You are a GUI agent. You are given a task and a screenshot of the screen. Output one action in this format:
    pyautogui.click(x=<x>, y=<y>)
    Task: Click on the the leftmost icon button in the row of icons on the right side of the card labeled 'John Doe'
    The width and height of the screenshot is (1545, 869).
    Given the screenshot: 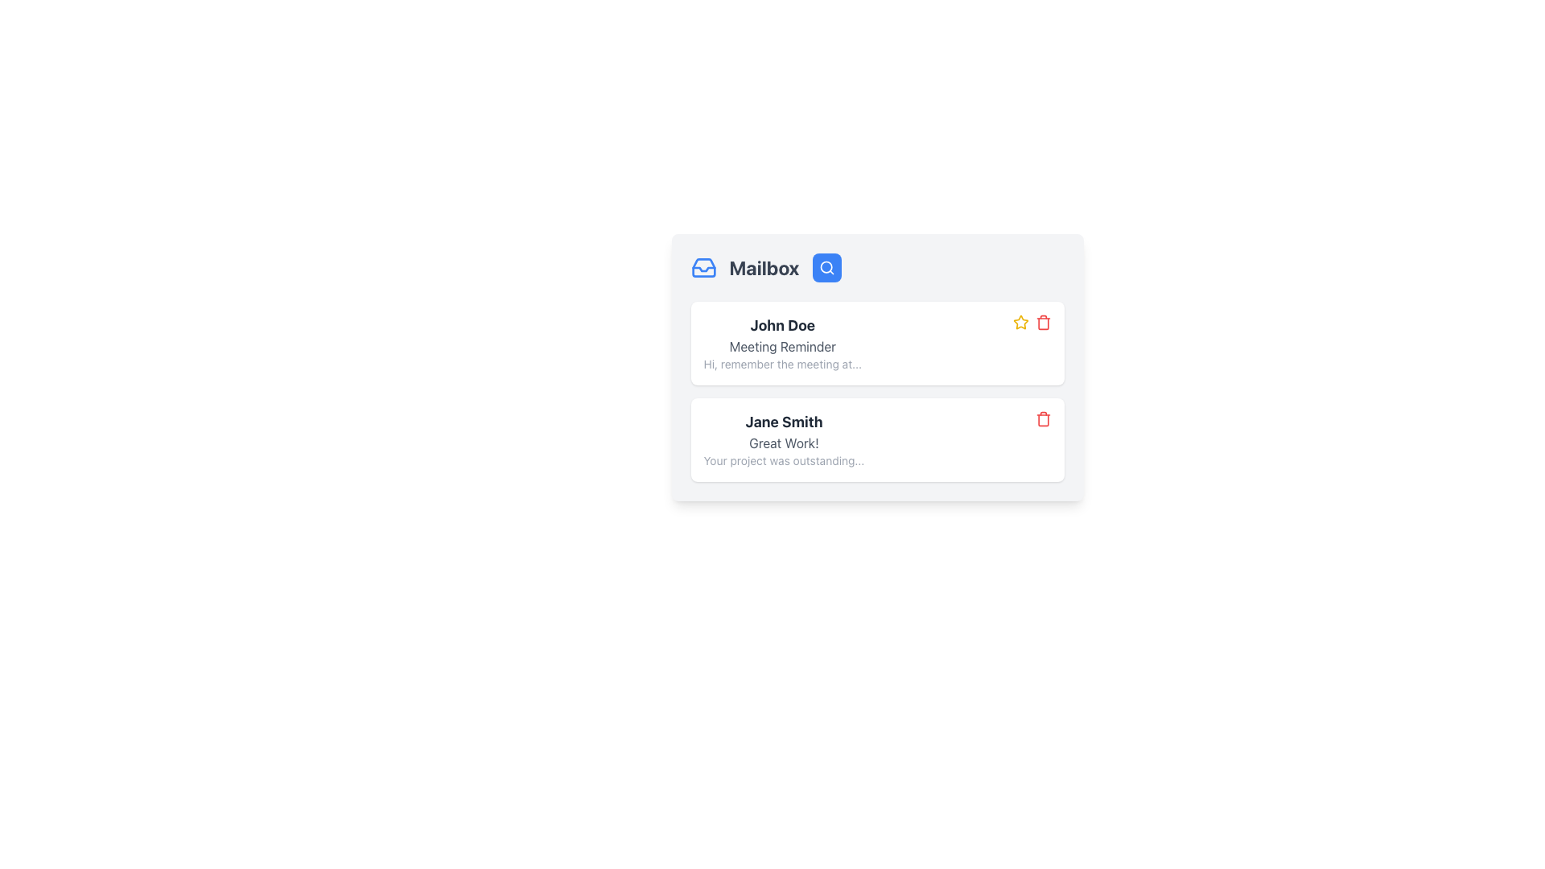 What is the action you would take?
    pyautogui.click(x=1020, y=323)
    